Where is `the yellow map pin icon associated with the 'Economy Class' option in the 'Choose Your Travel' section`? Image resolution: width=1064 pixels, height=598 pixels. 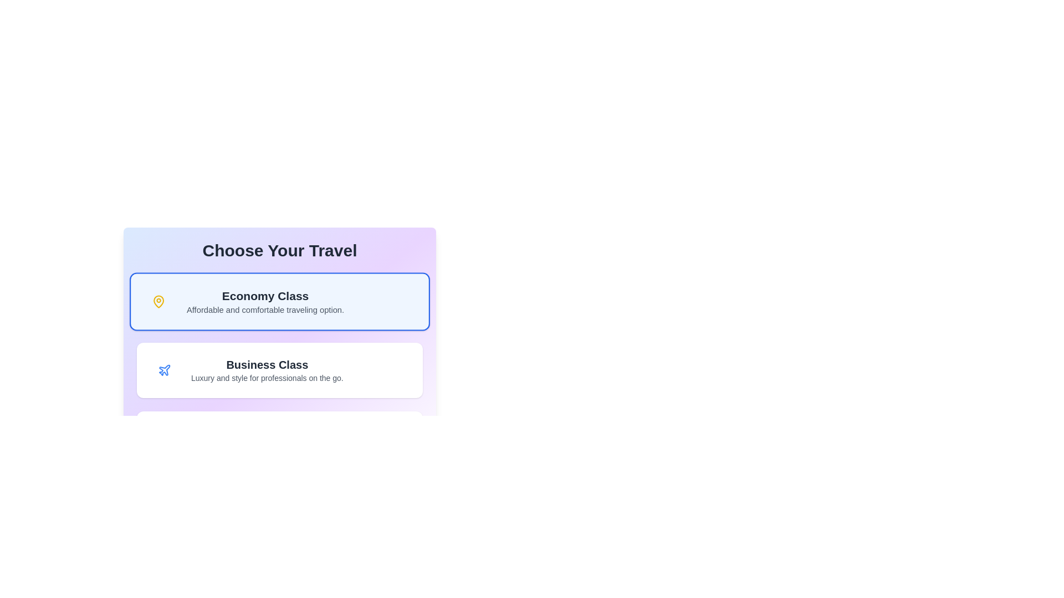 the yellow map pin icon associated with the 'Economy Class' option in the 'Choose Your Travel' section is located at coordinates (158, 301).